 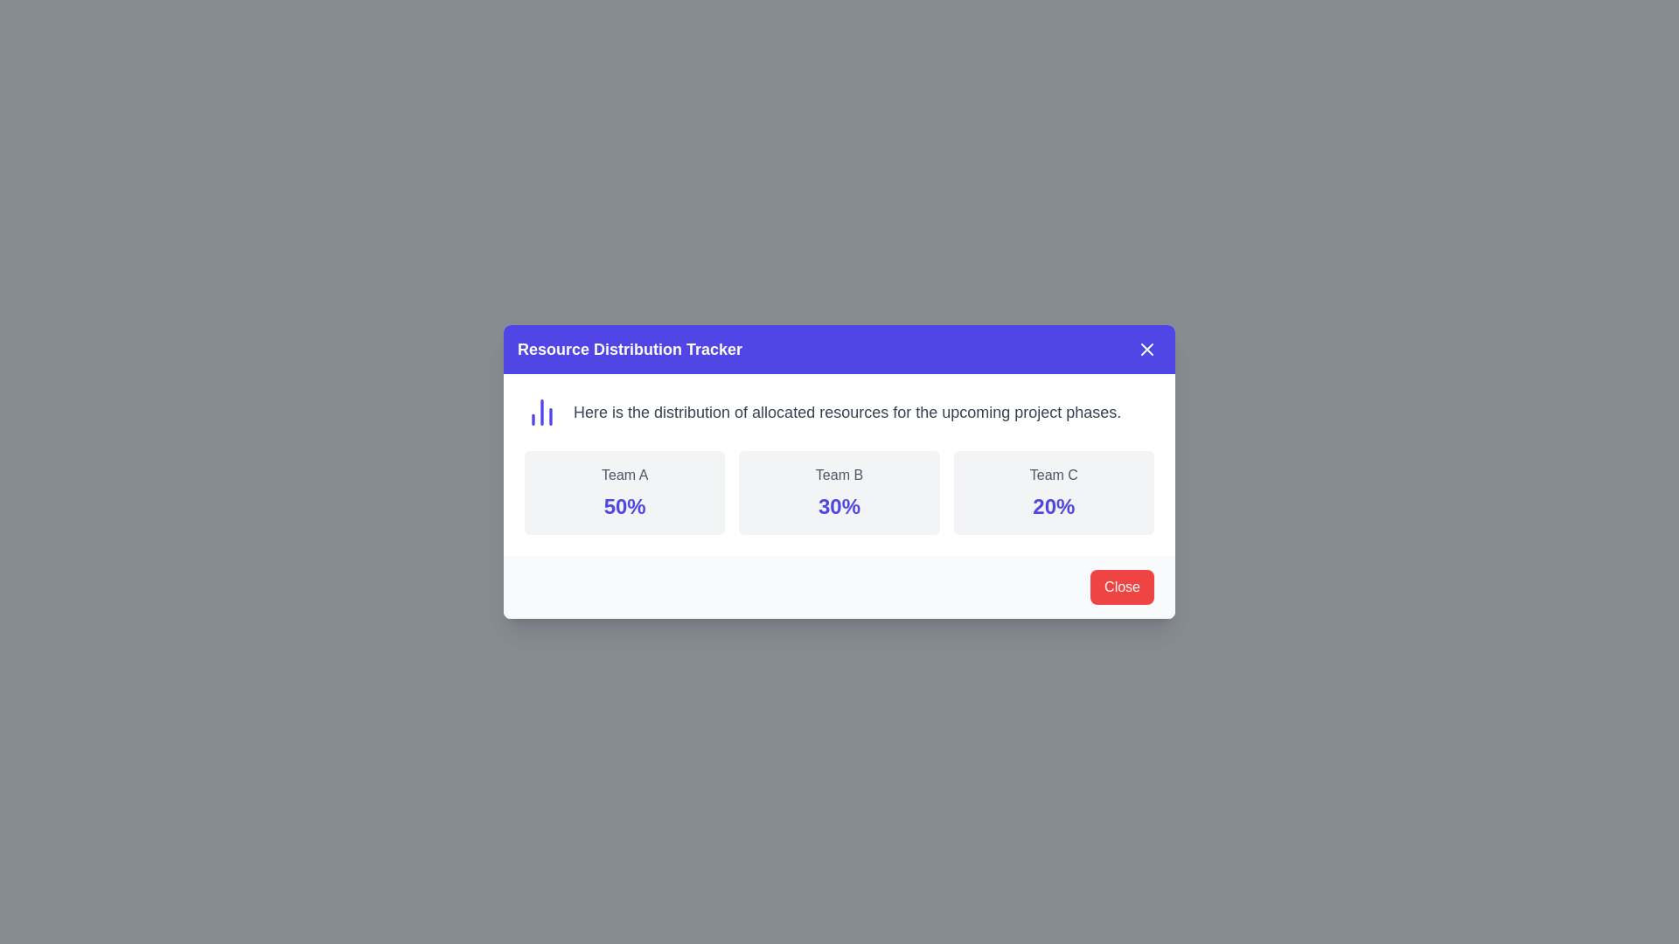 What do you see at coordinates (624, 506) in the screenshot?
I see `the numeric percentage value displayed in the Text display of 'Team A'` at bounding box center [624, 506].